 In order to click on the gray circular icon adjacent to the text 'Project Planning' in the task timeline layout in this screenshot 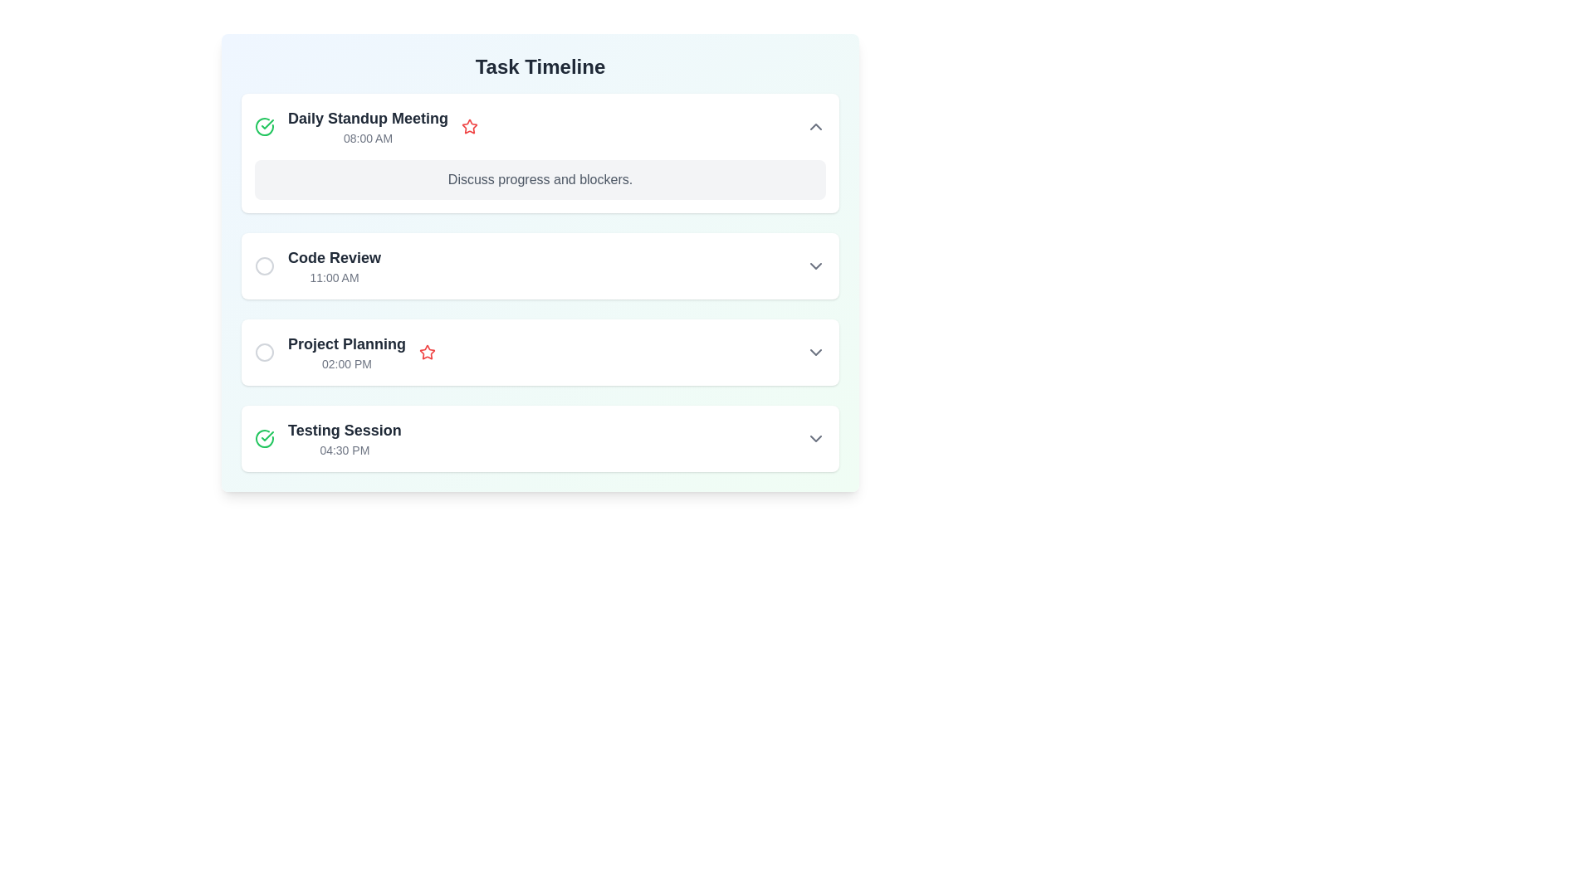, I will do `click(263, 351)`.